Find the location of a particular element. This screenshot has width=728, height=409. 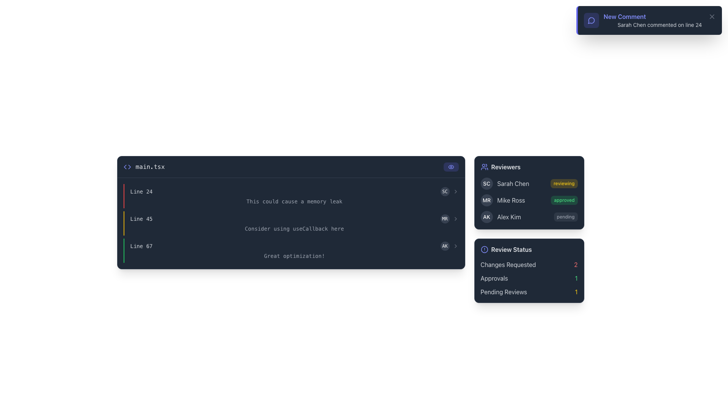

the composite UI component consisting of a circular label with 'SC' in white text and a rightward chevron icon, located at the far-right side of the row for 'Line 24' is located at coordinates (449, 191).